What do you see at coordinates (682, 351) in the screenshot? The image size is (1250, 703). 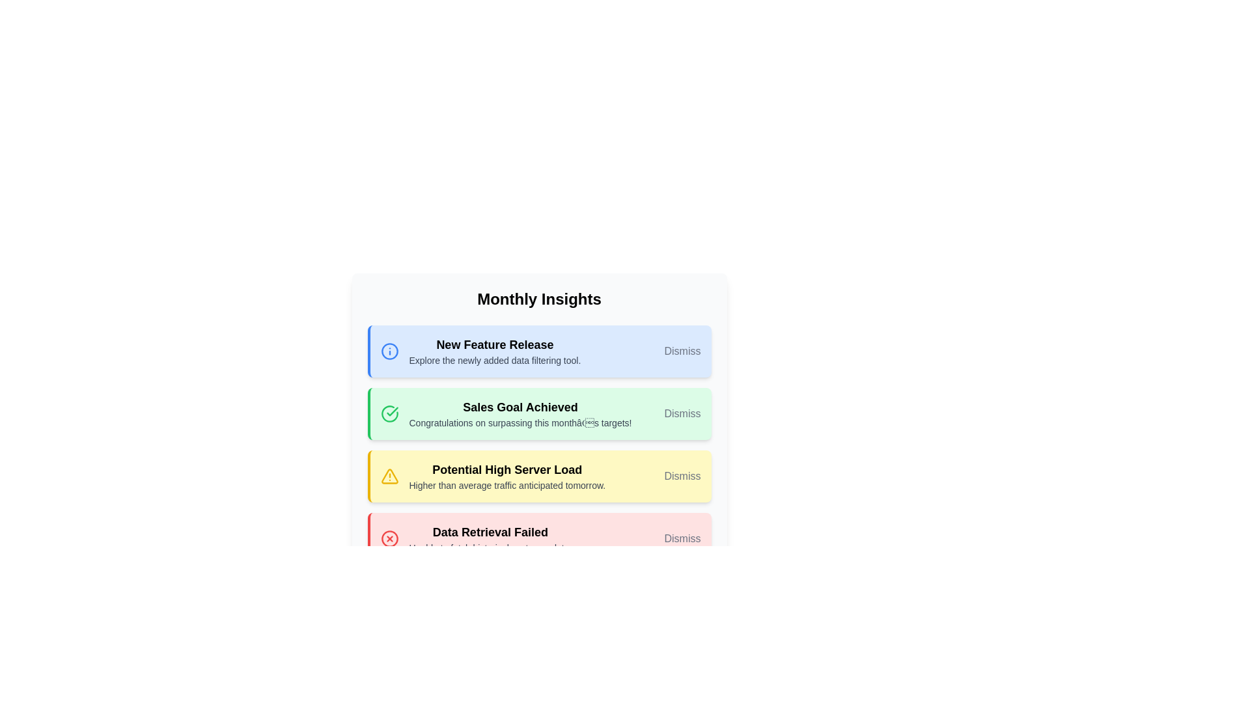 I see `the 'Dismiss' button located at the far right of the blue notification panel titled 'New Feature Release'` at bounding box center [682, 351].